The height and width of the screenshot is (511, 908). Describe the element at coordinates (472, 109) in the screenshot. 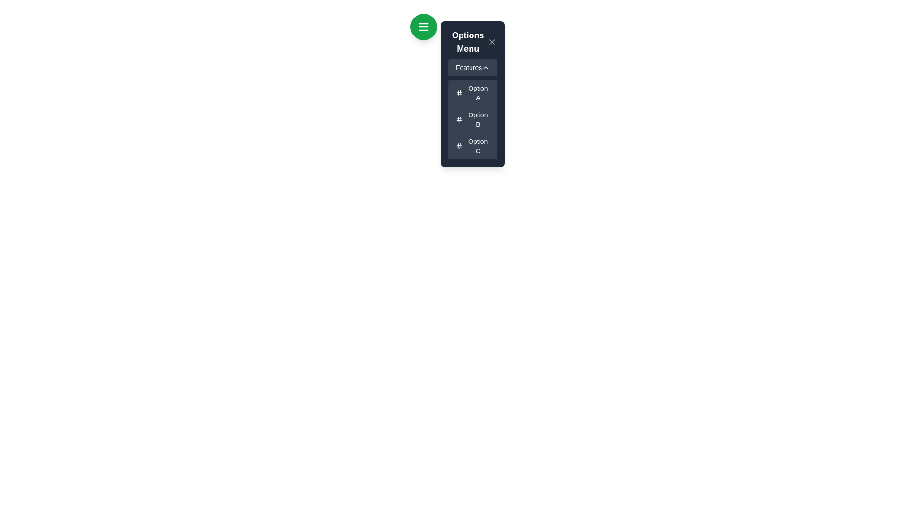

I see `the 'Features' dropdown menu option` at that location.